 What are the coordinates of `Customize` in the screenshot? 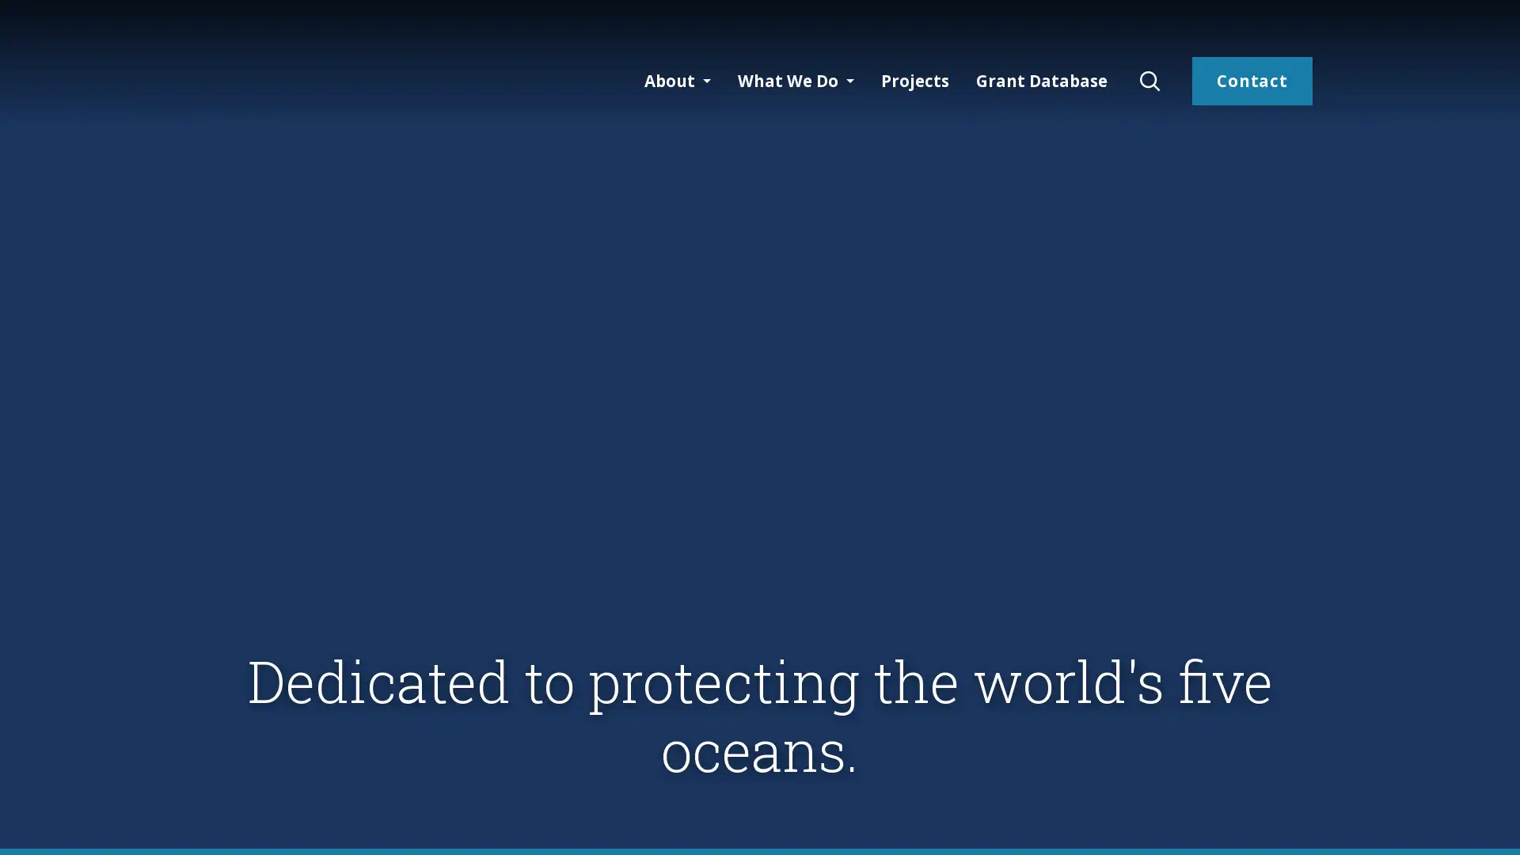 It's located at (1247, 823).